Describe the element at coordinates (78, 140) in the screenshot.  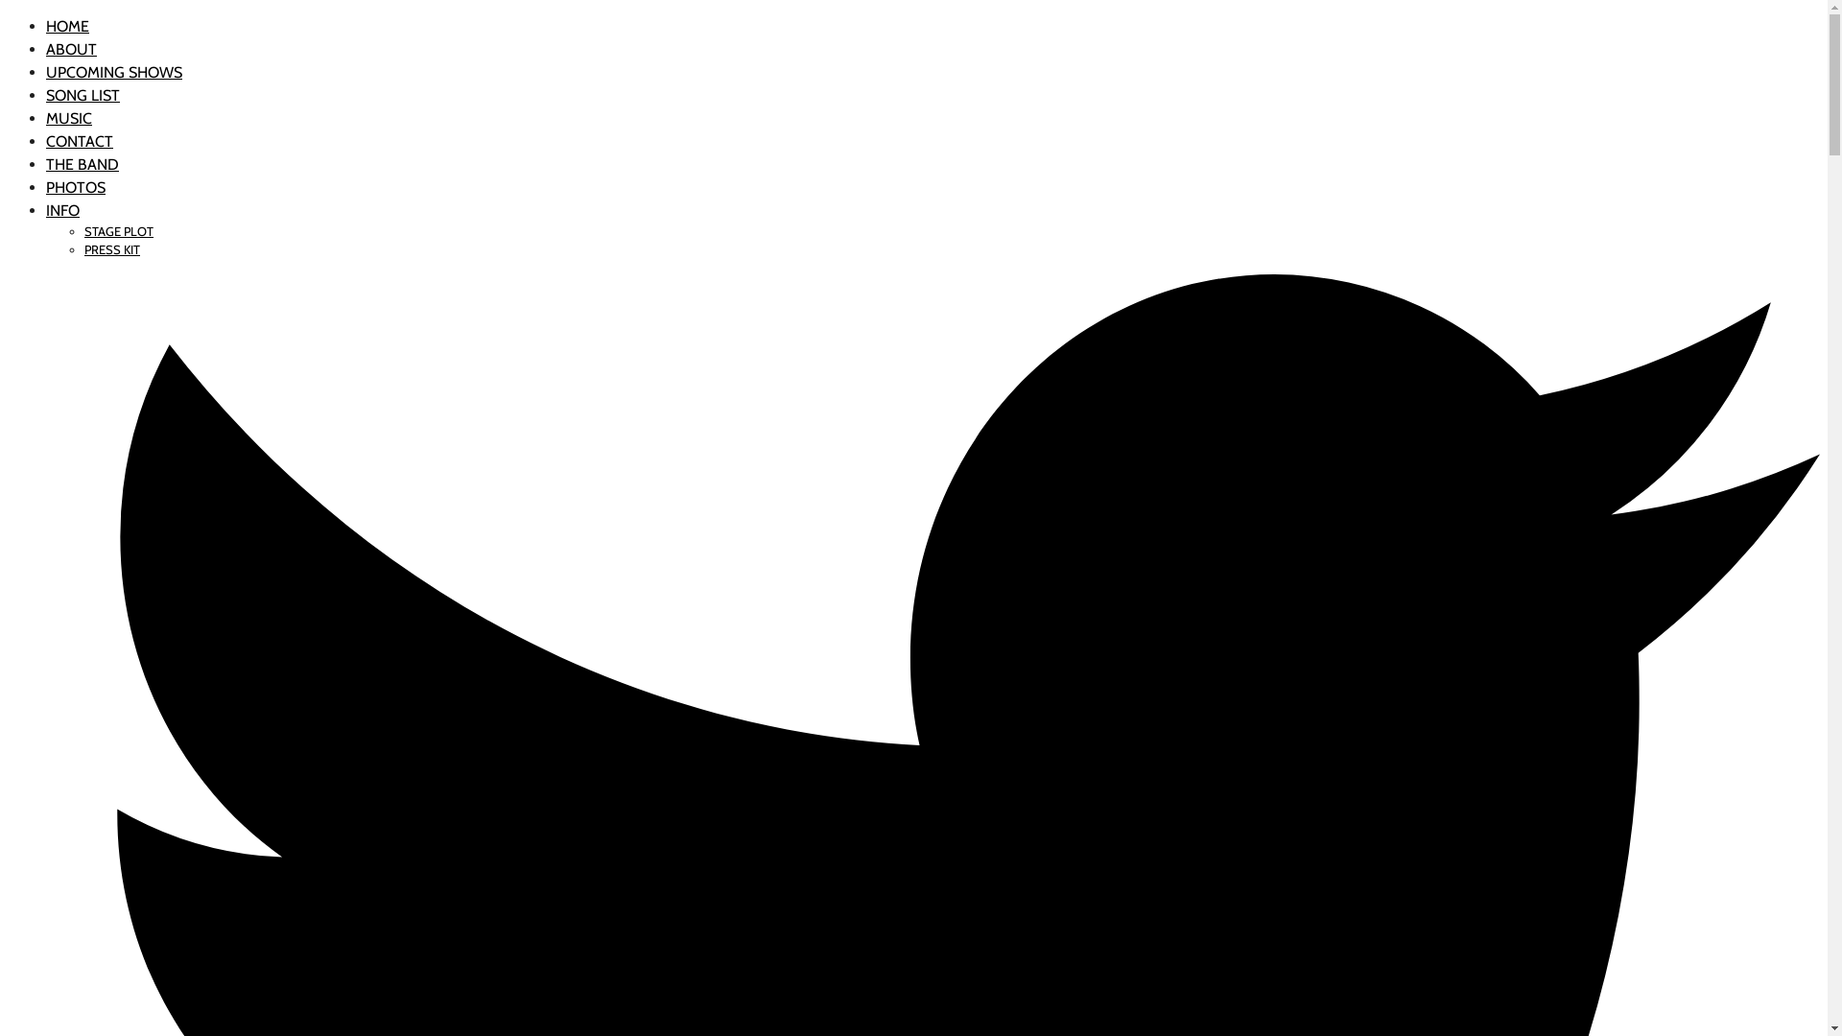
I see `'CONTACT'` at that location.